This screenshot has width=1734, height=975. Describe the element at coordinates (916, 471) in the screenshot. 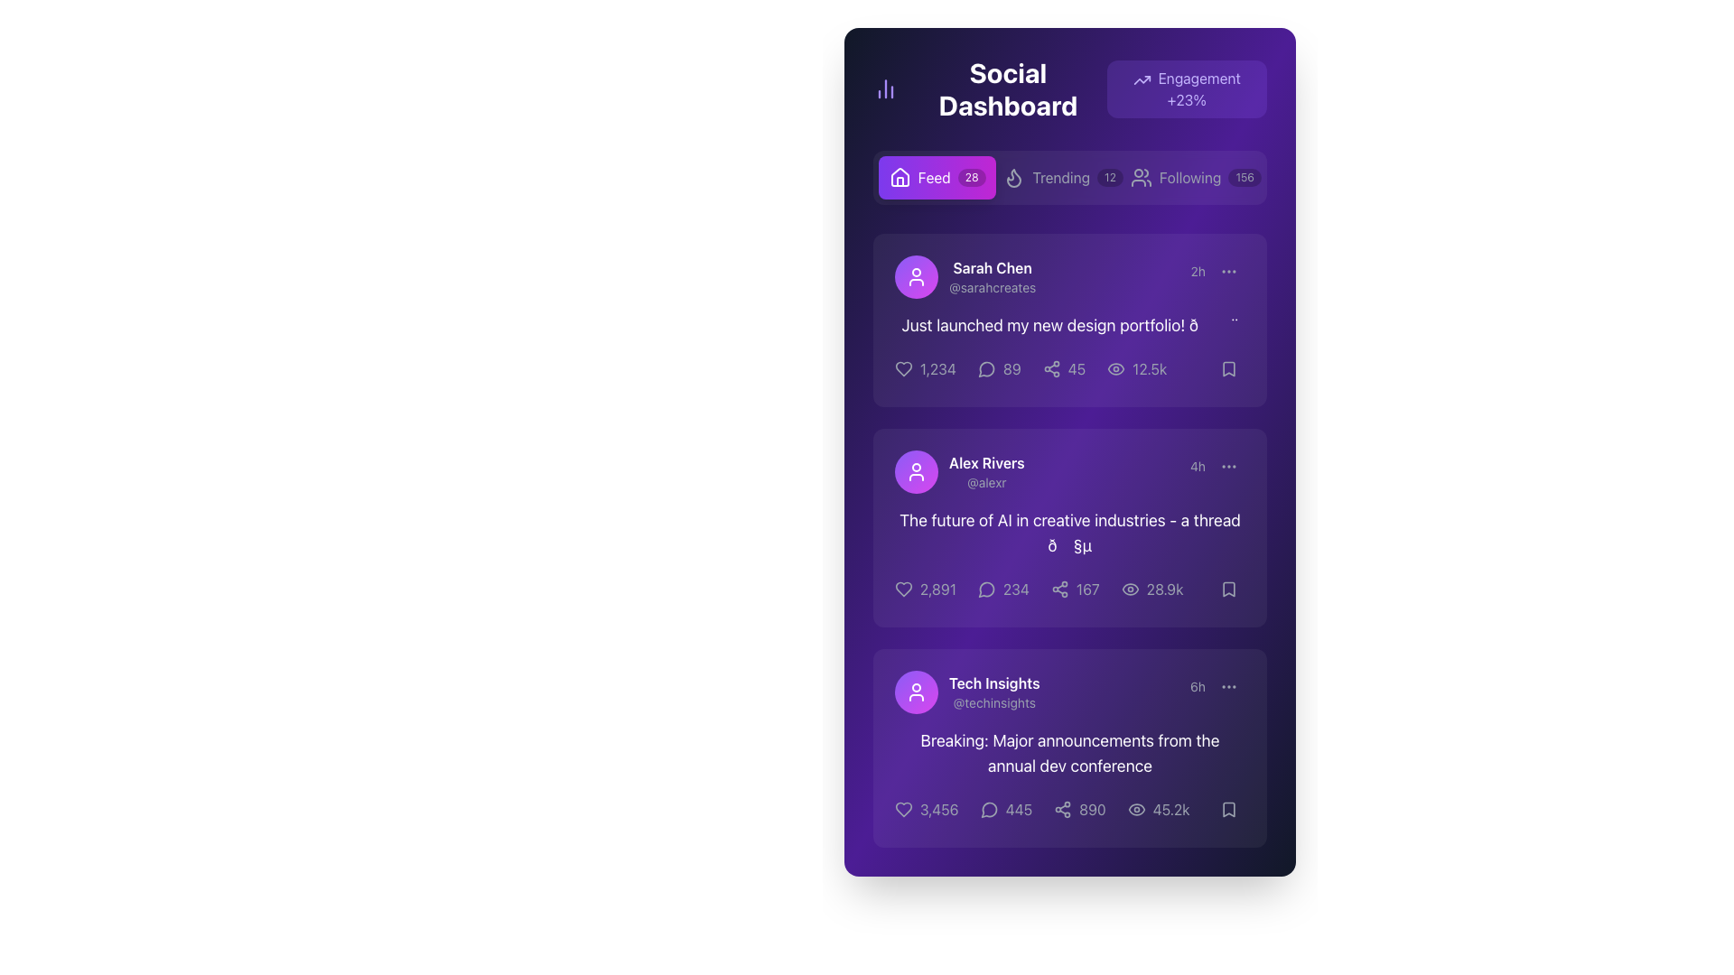

I see `the user silhouette icon` at that location.